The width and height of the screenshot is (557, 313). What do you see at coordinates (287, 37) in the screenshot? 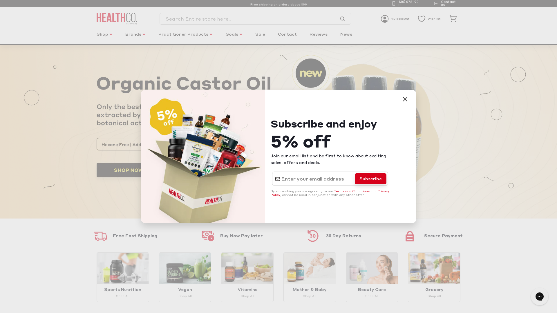
I see `'Contact'` at bounding box center [287, 37].